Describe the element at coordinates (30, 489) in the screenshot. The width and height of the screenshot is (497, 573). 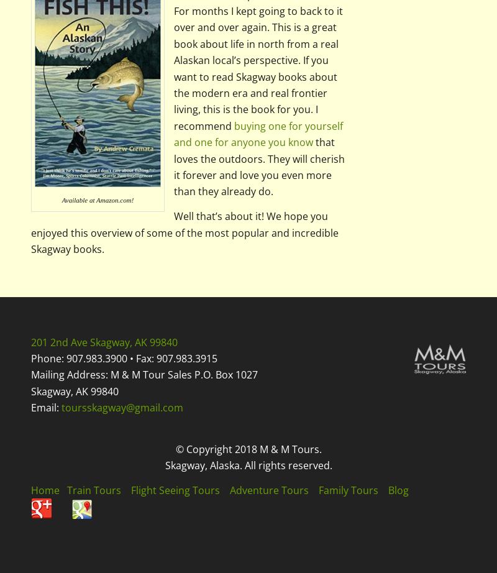
I see `'Home'` at that location.